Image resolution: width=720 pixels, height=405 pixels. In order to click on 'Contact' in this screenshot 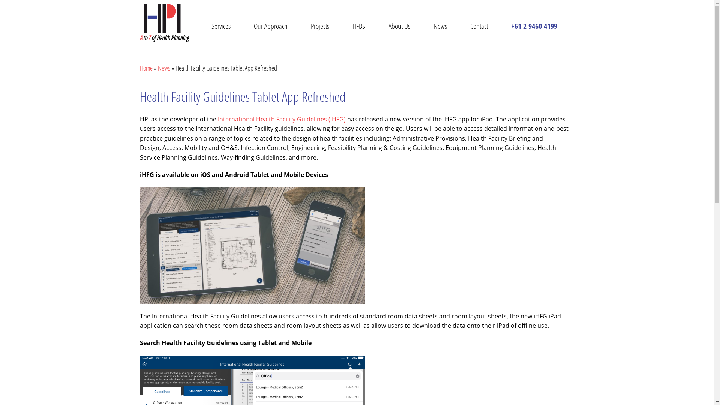, I will do `click(478, 25)`.